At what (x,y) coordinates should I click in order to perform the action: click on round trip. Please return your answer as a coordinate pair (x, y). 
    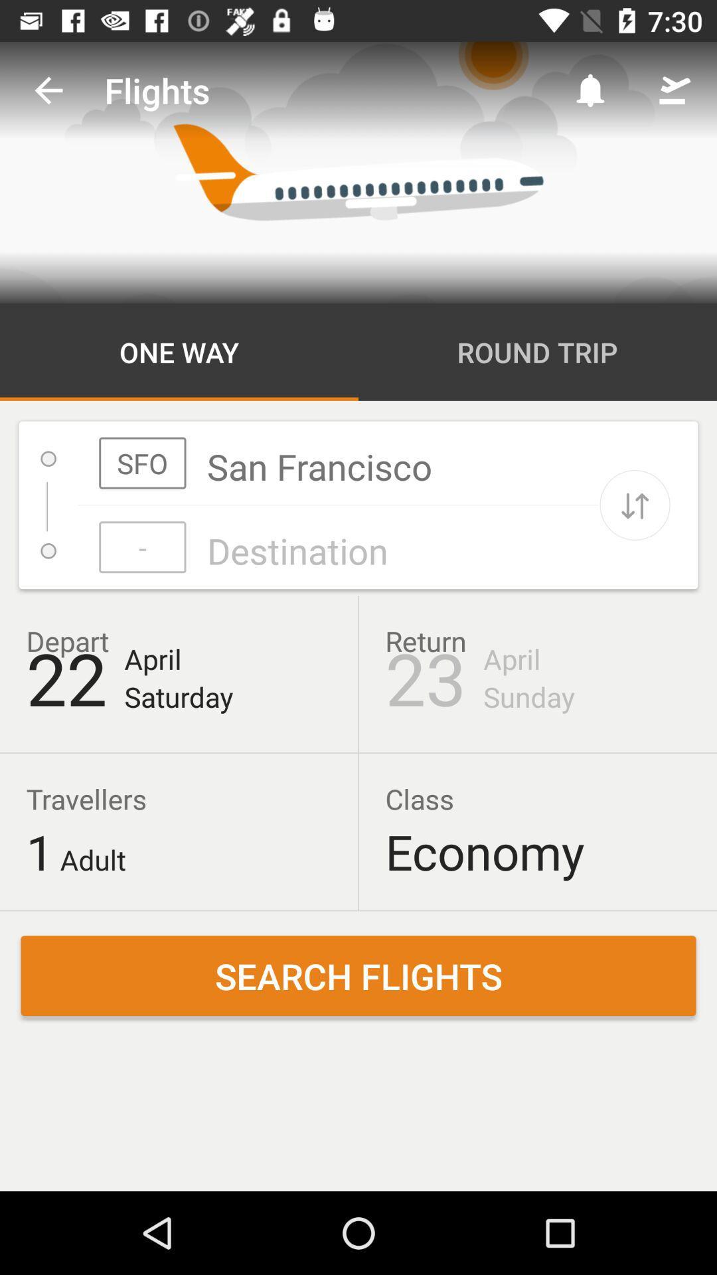
    Looking at the image, I should click on (538, 352).